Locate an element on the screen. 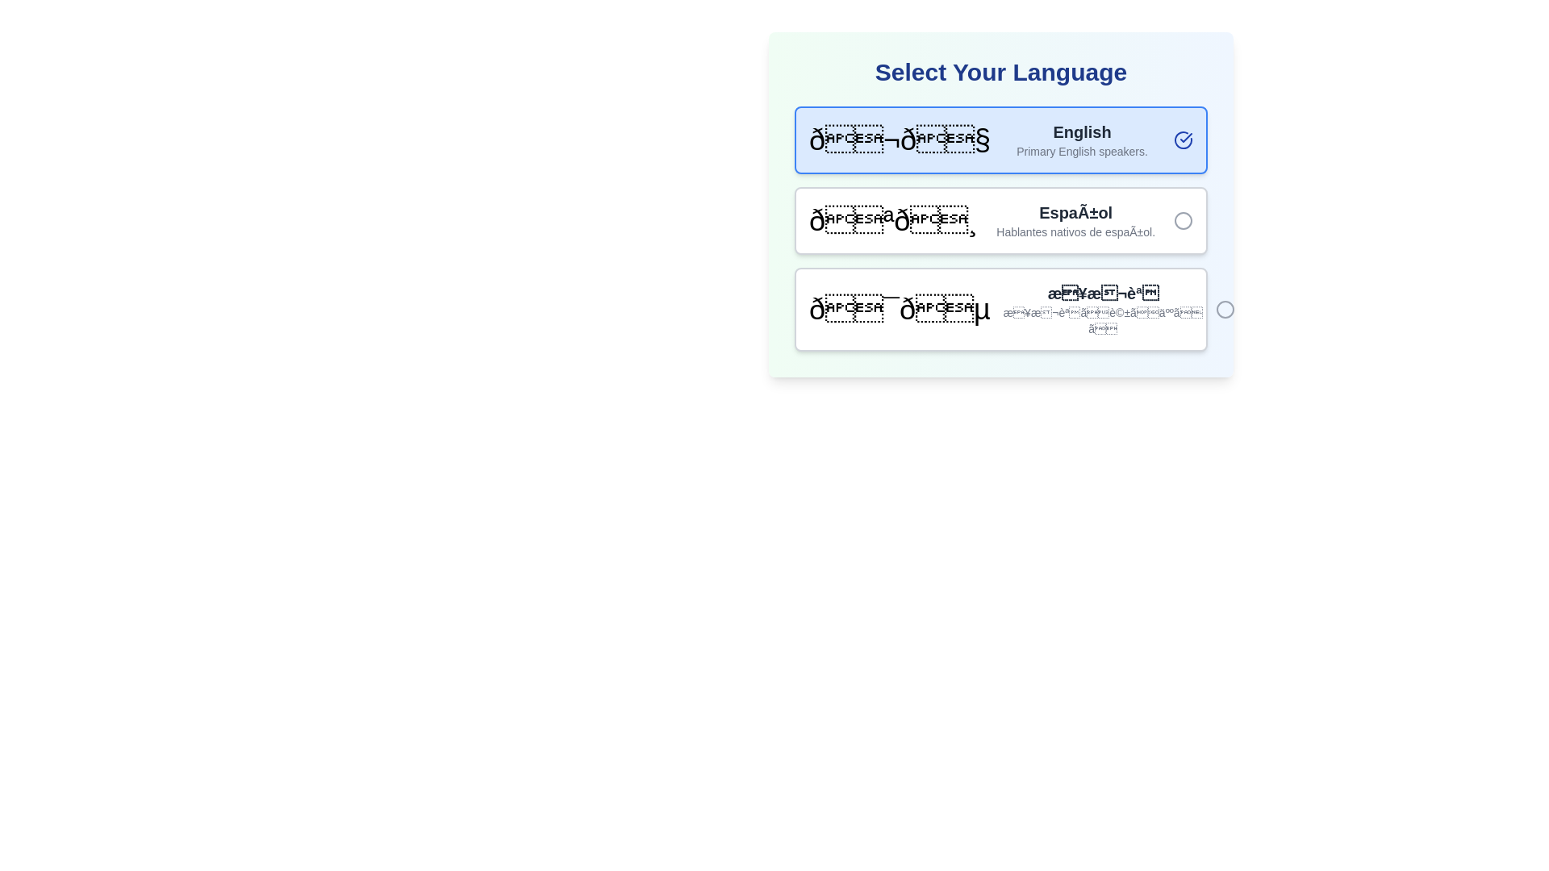 The image size is (1549, 871). the 'Español' language selection panel is located at coordinates (1000, 220).